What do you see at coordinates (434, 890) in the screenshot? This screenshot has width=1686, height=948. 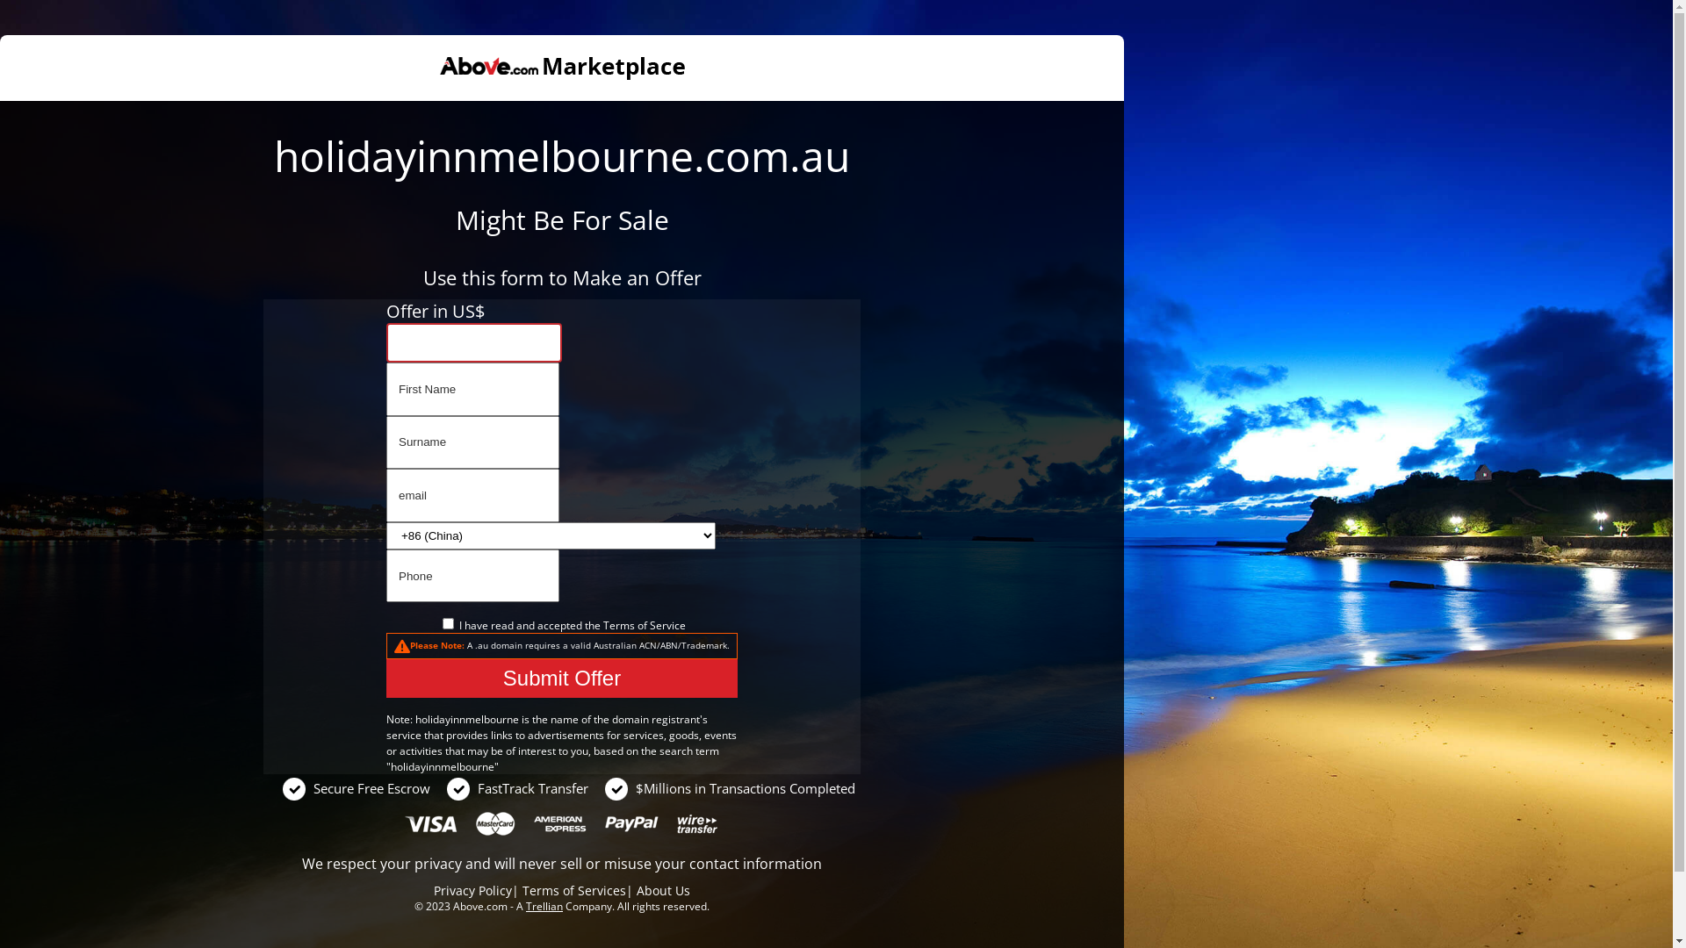 I see `'Privacy Policy'` at bounding box center [434, 890].